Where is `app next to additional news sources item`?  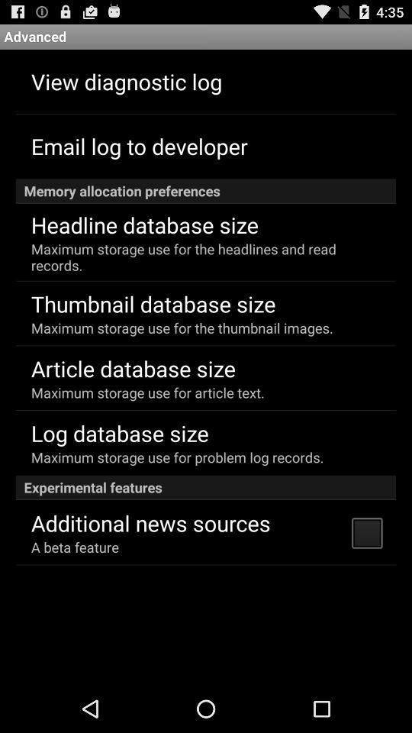
app next to additional news sources item is located at coordinates (365, 532).